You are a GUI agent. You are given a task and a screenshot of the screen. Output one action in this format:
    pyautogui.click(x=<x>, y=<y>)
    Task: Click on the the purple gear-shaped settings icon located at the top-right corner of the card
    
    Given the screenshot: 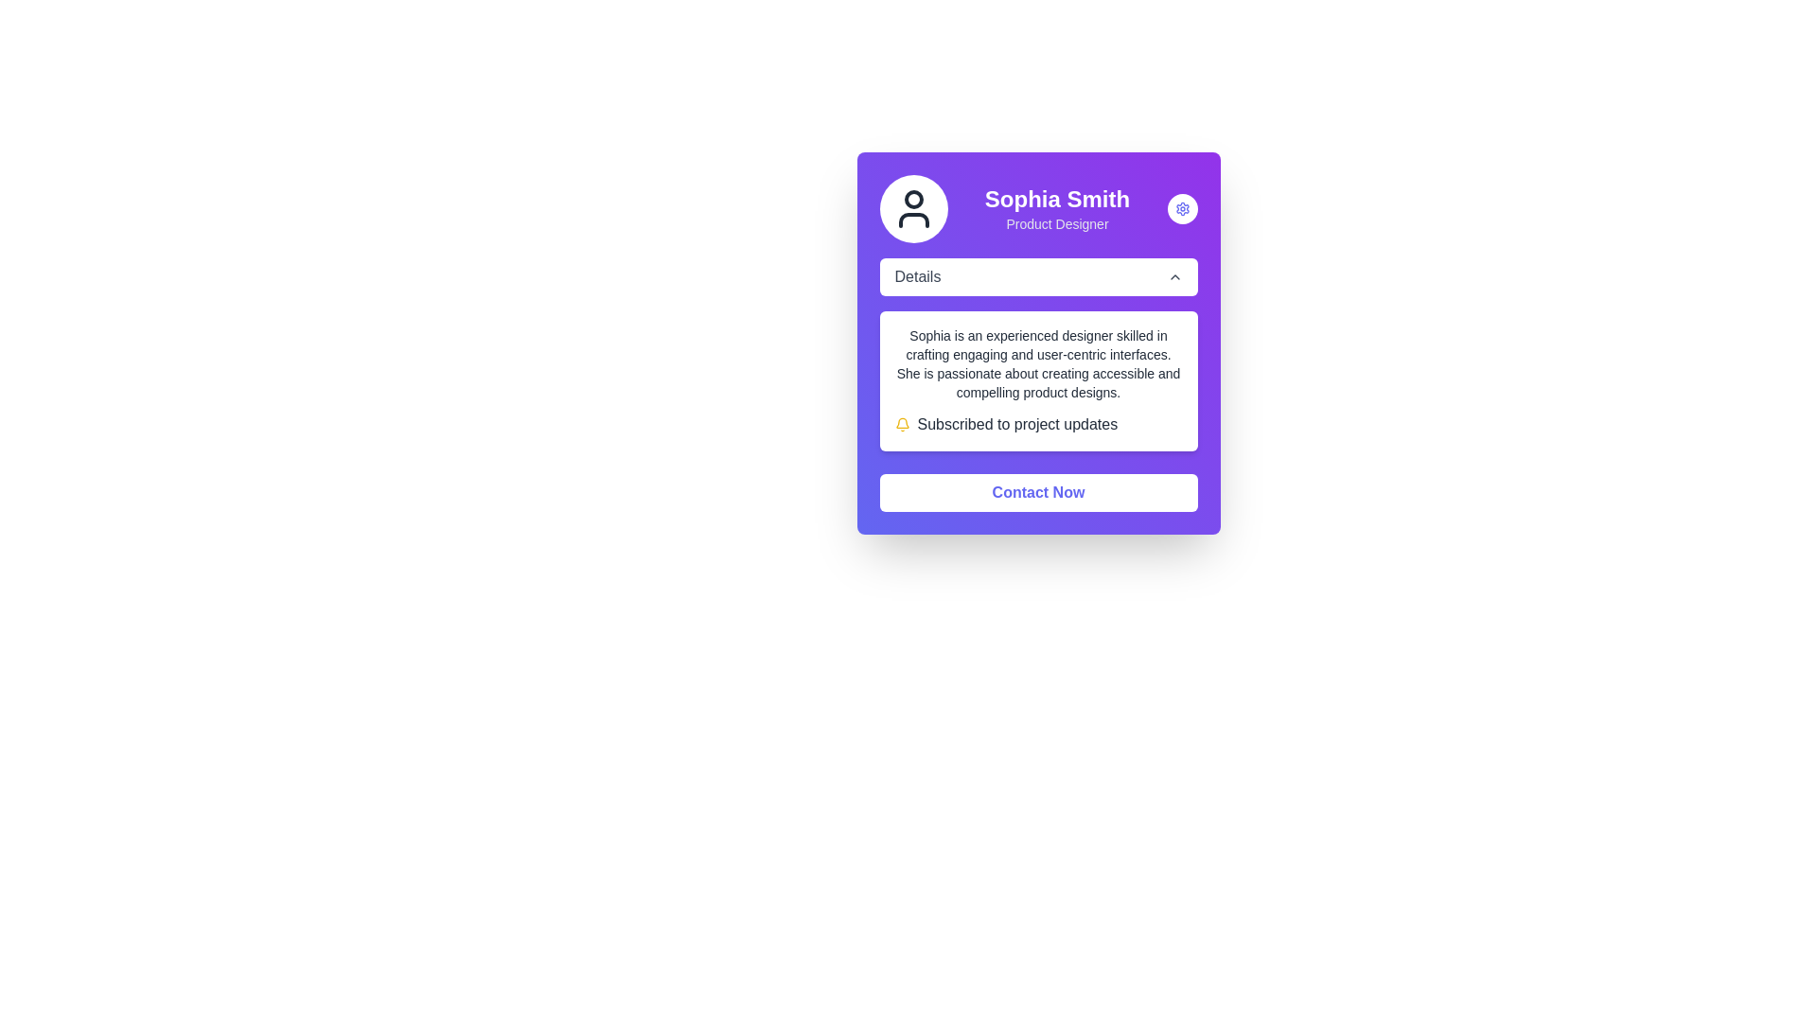 What is the action you would take?
    pyautogui.click(x=1181, y=208)
    